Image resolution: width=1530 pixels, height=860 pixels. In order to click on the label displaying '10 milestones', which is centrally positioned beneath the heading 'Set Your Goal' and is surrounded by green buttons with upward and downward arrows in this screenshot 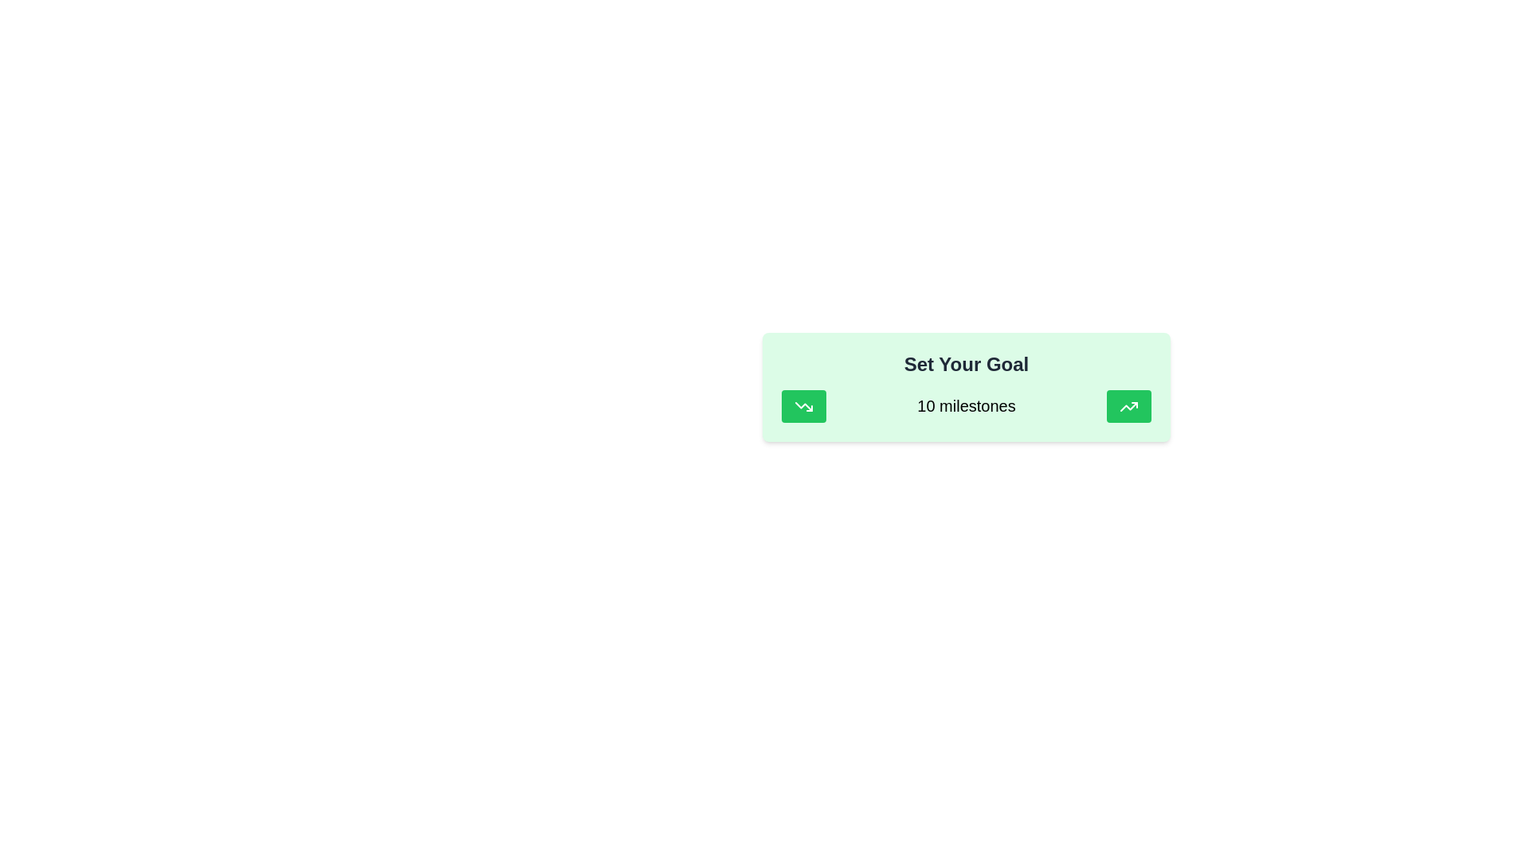, I will do `click(966, 405)`.